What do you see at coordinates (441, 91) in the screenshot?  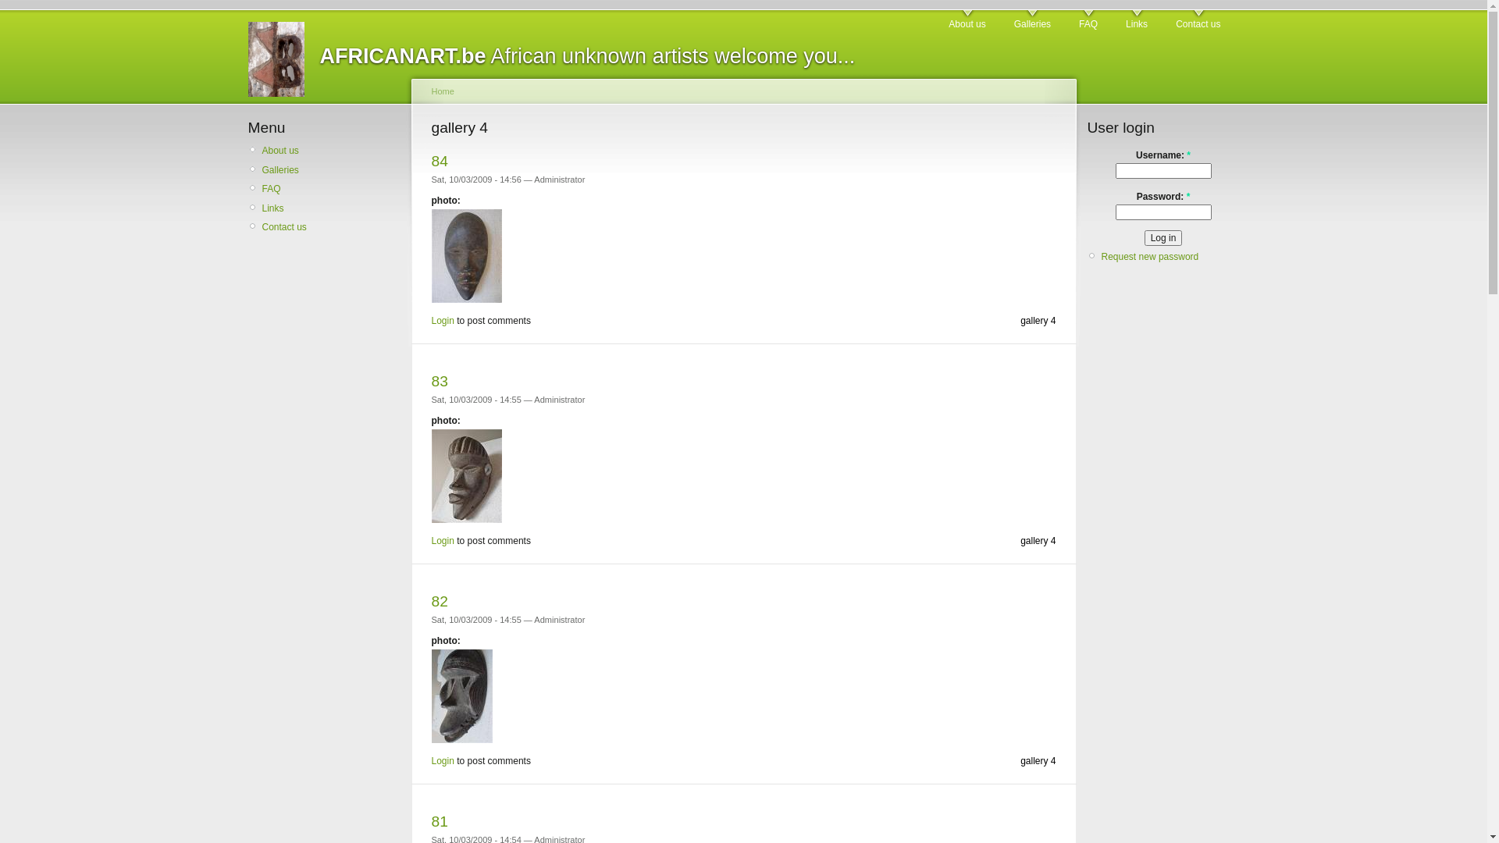 I see `'Home'` at bounding box center [441, 91].